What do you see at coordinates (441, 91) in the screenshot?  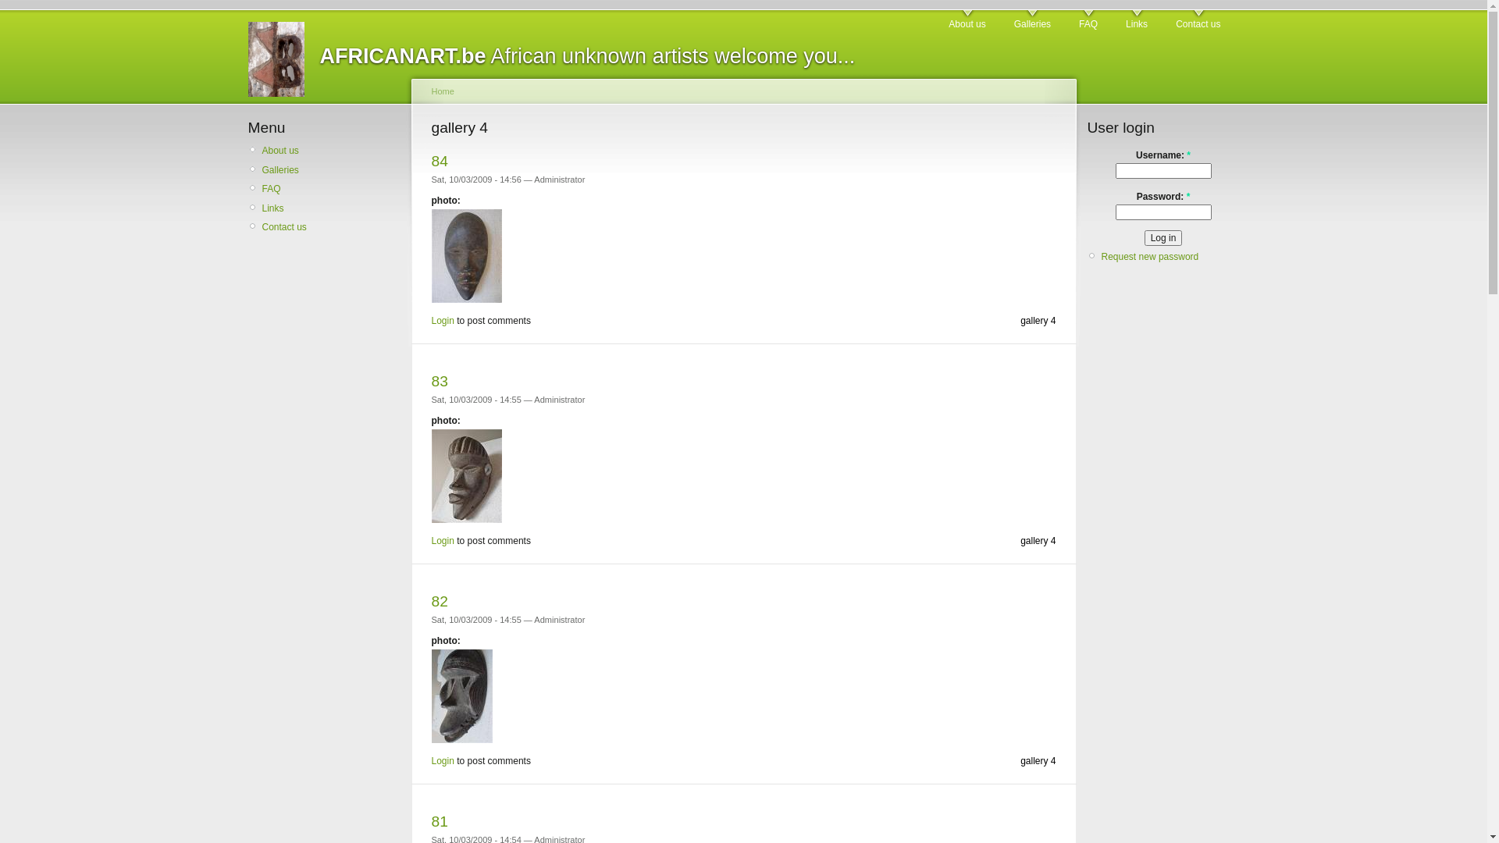 I see `'Home'` at bounding box center [441, 91].